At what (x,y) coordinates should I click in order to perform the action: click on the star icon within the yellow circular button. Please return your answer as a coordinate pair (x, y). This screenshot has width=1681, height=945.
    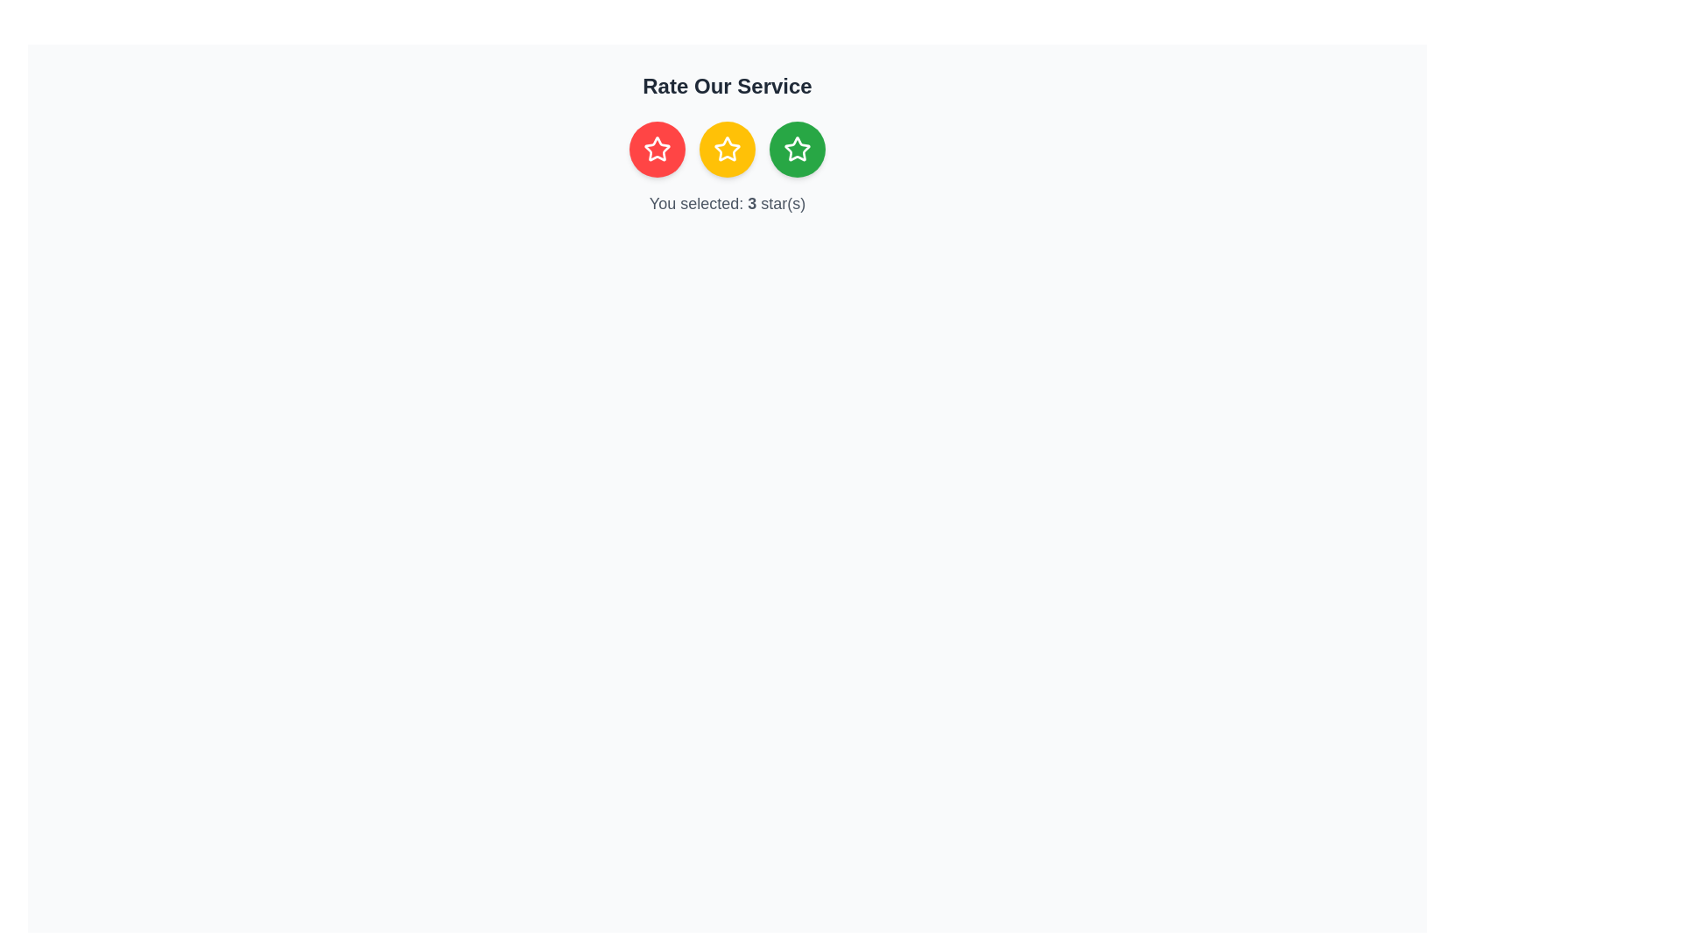
    Looking at the image, I should click on (727, 148).